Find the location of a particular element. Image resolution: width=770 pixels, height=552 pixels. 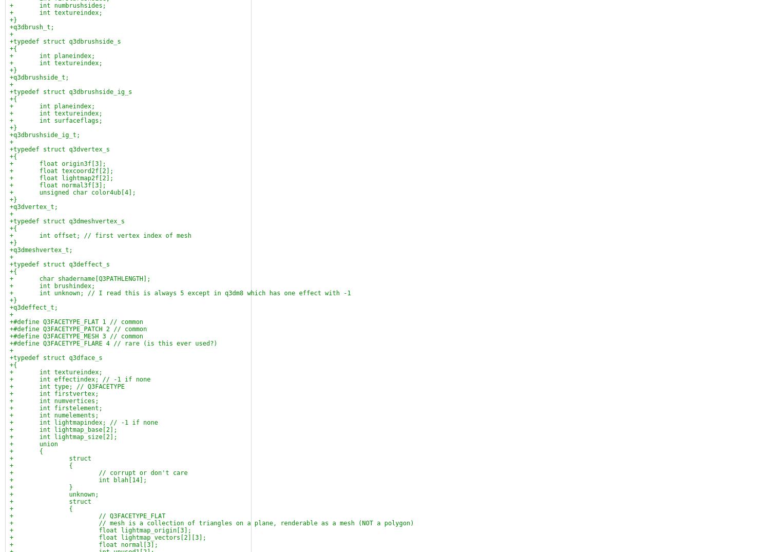

'+                       float lightmap_vectors[2][3];' is located at coordinates (107, 538).